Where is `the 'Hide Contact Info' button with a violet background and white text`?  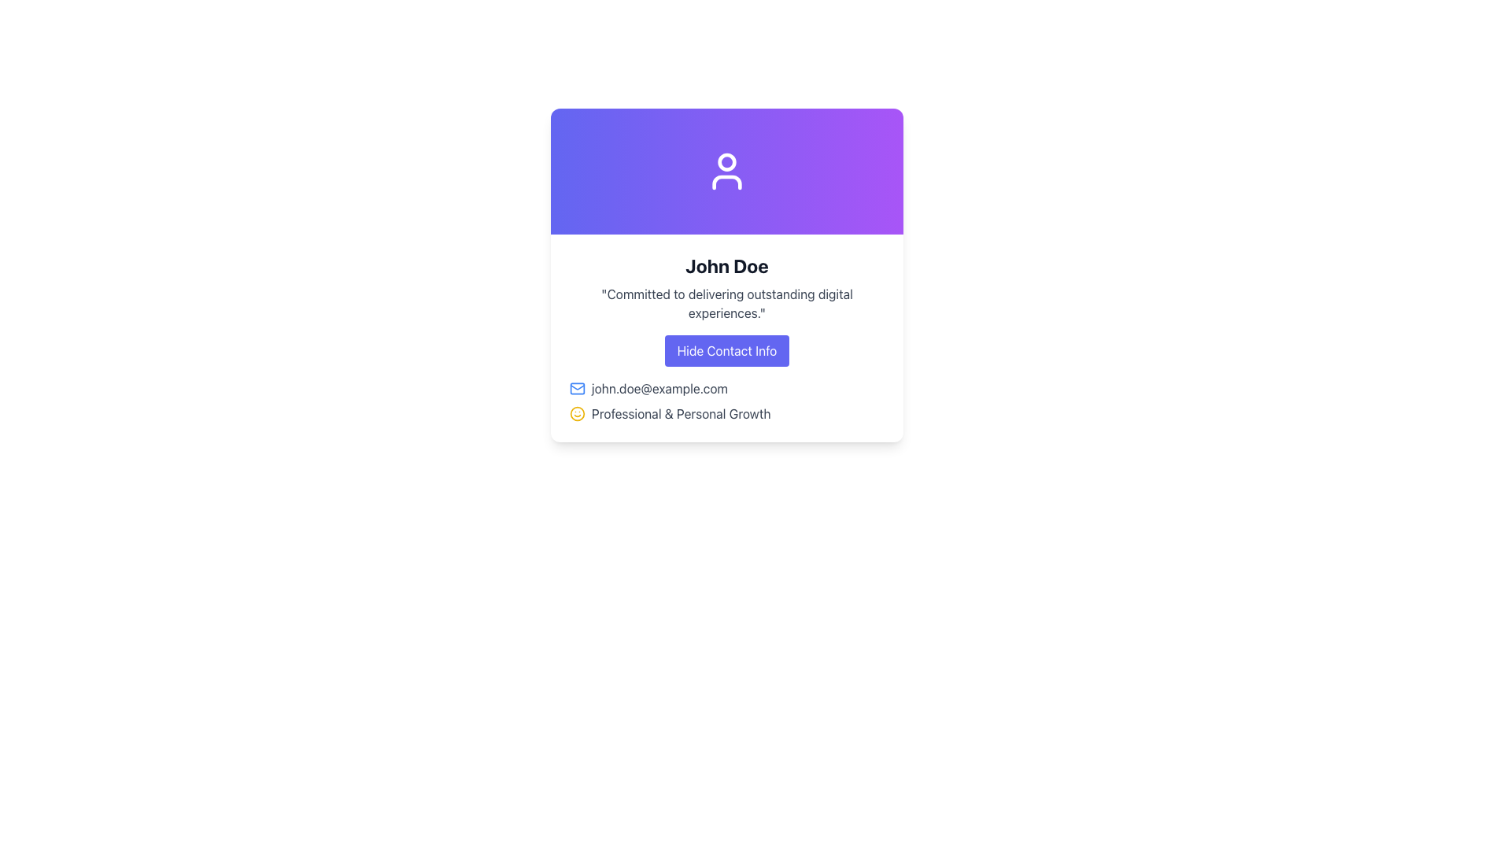
the 'Hide Contact Info' button with a violet background and white text is located at coordinates (726, 350).